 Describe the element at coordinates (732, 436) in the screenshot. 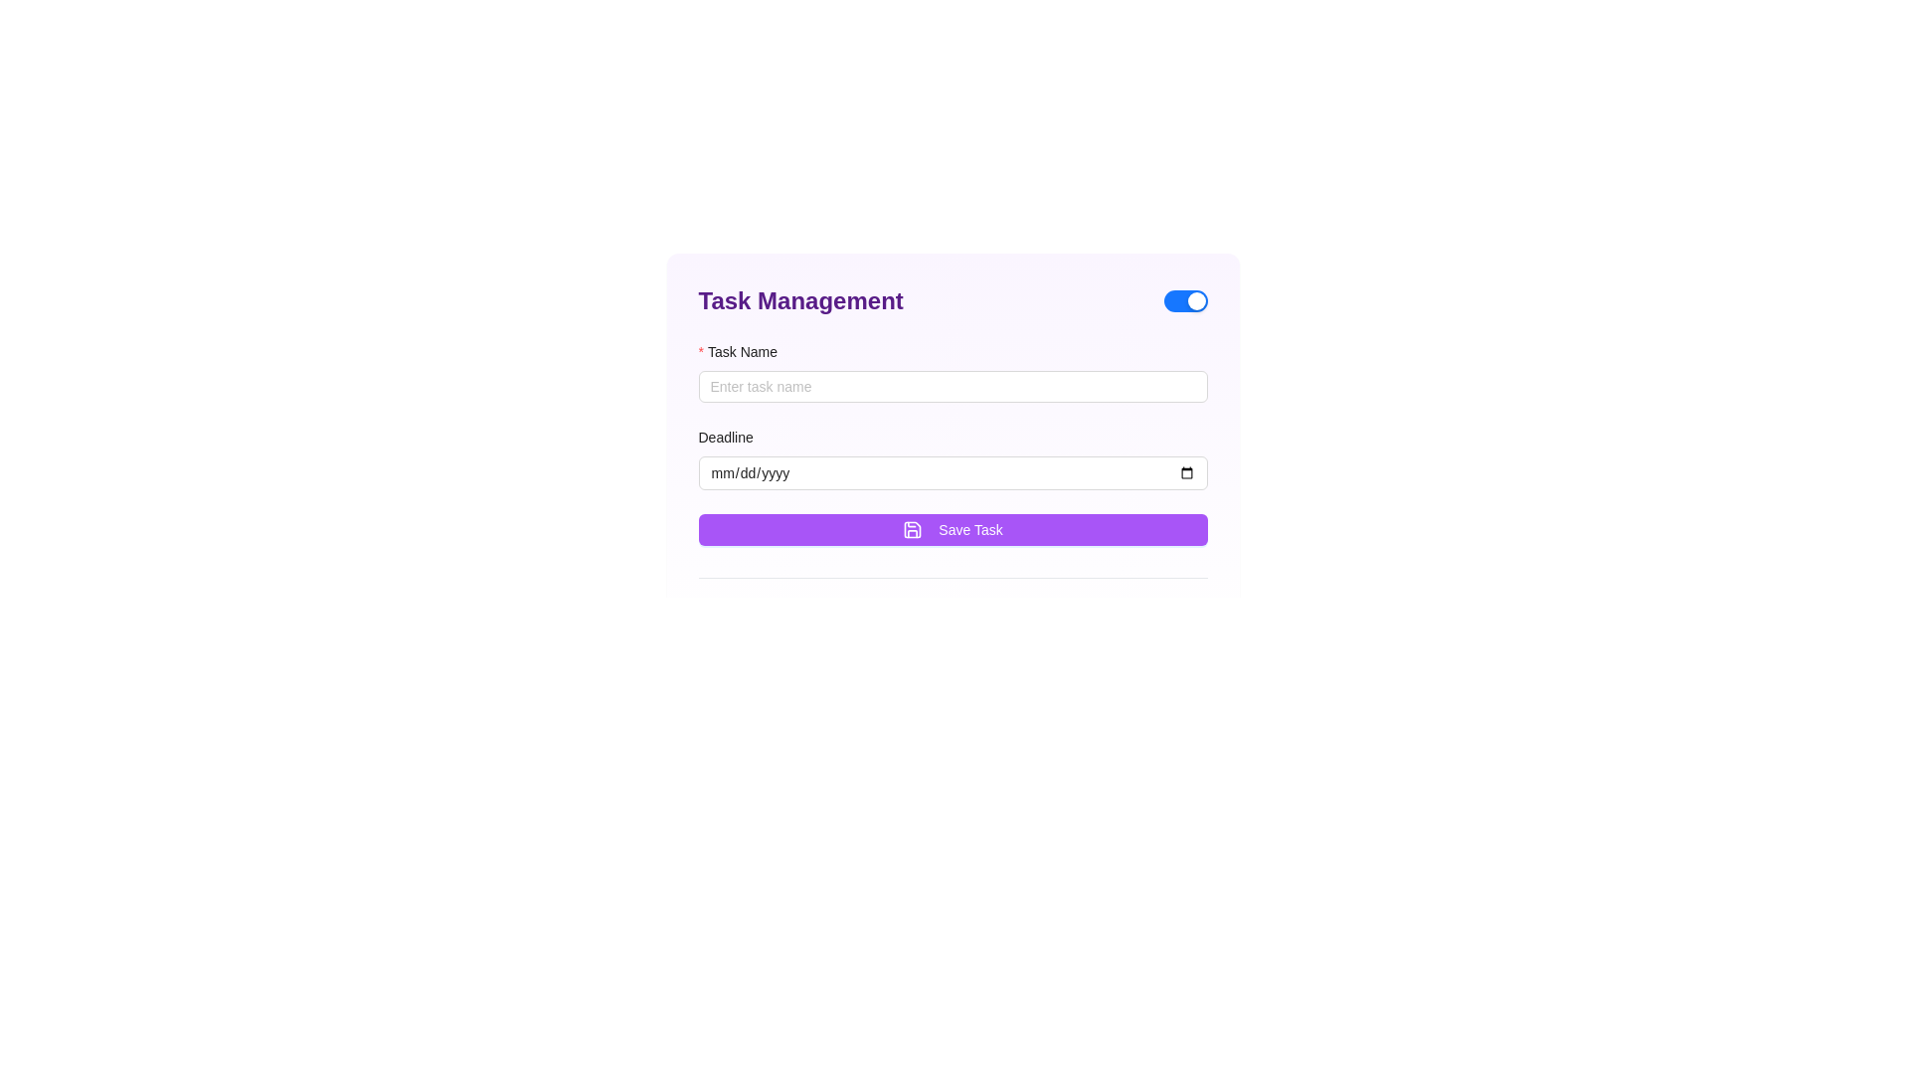

I see `the label that provides context for the date input field, which is positioned beneath the 'Task Name' label and aligned left within the form` at that location.